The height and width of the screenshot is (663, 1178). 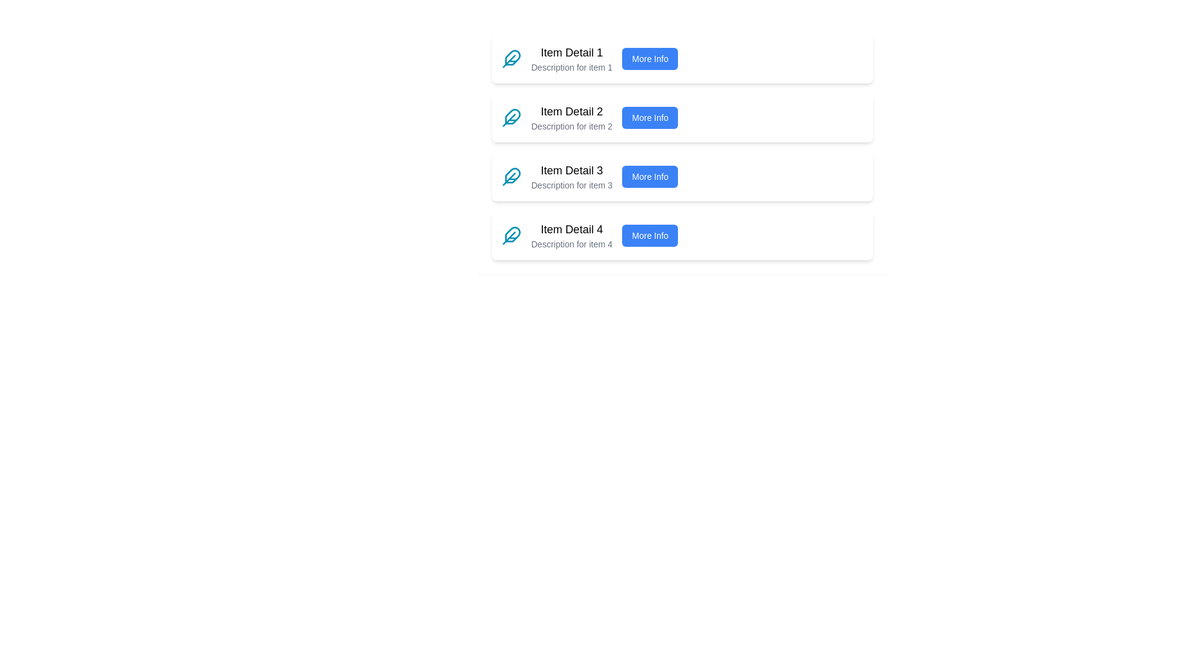 What do you see at coordinates (571, 170) in the screenshot?
I see `text label that serves as the title for the third item in a vertical list, positioned between 'Item Detail 2' and 'Item Detail 4'` at bounding box center [571, 170].